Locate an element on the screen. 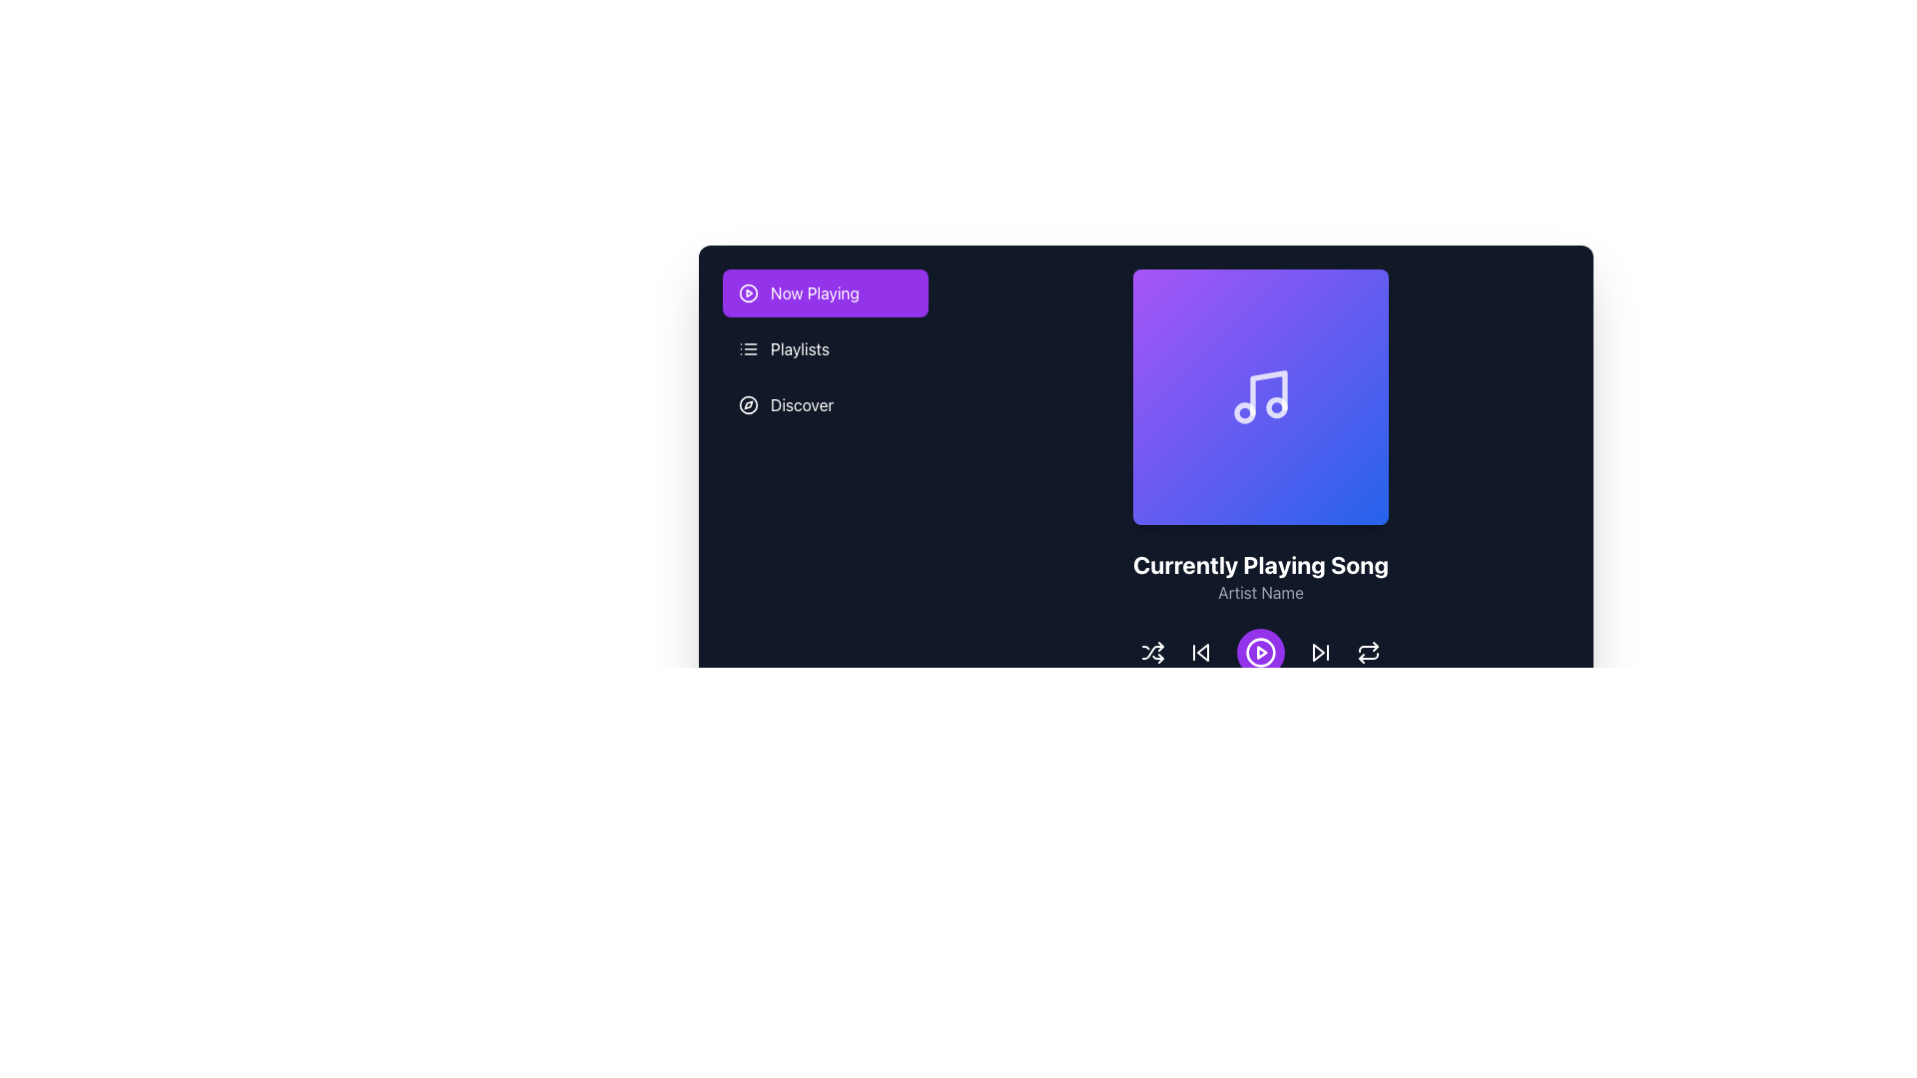  the 'Playlists' text label, which is displayed in white color within a dark background as part of a navigation menu, to initiate an action related to playlists is located at coordinates (800, 348).